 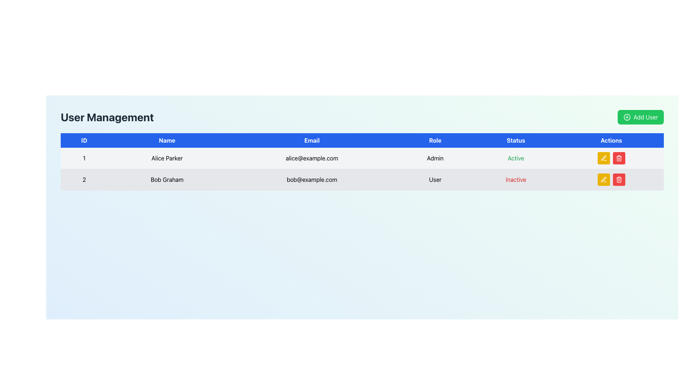 I want to click on the pen icon located in the 'Actions' column of the second row of the table, so click(x=603, y=158).